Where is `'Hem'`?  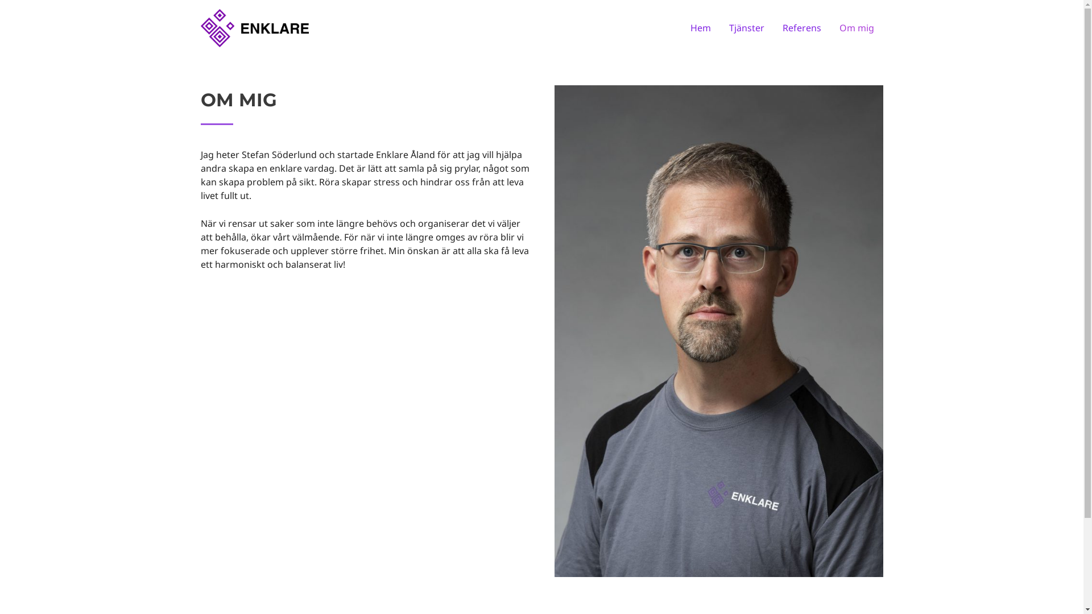
'Hem' is located at coordinates (700, 27).